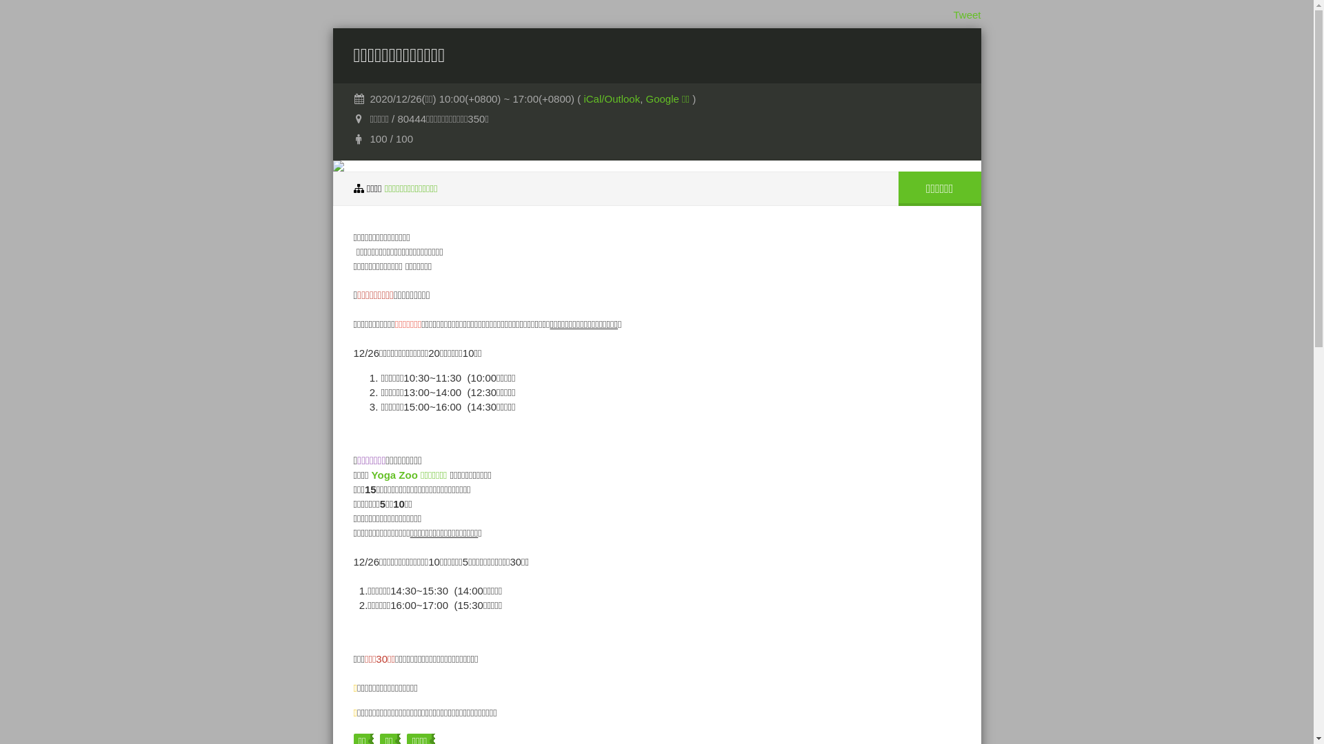 The image size is (1324, 744). I want to click on 'Tweet', so click(965, 14).